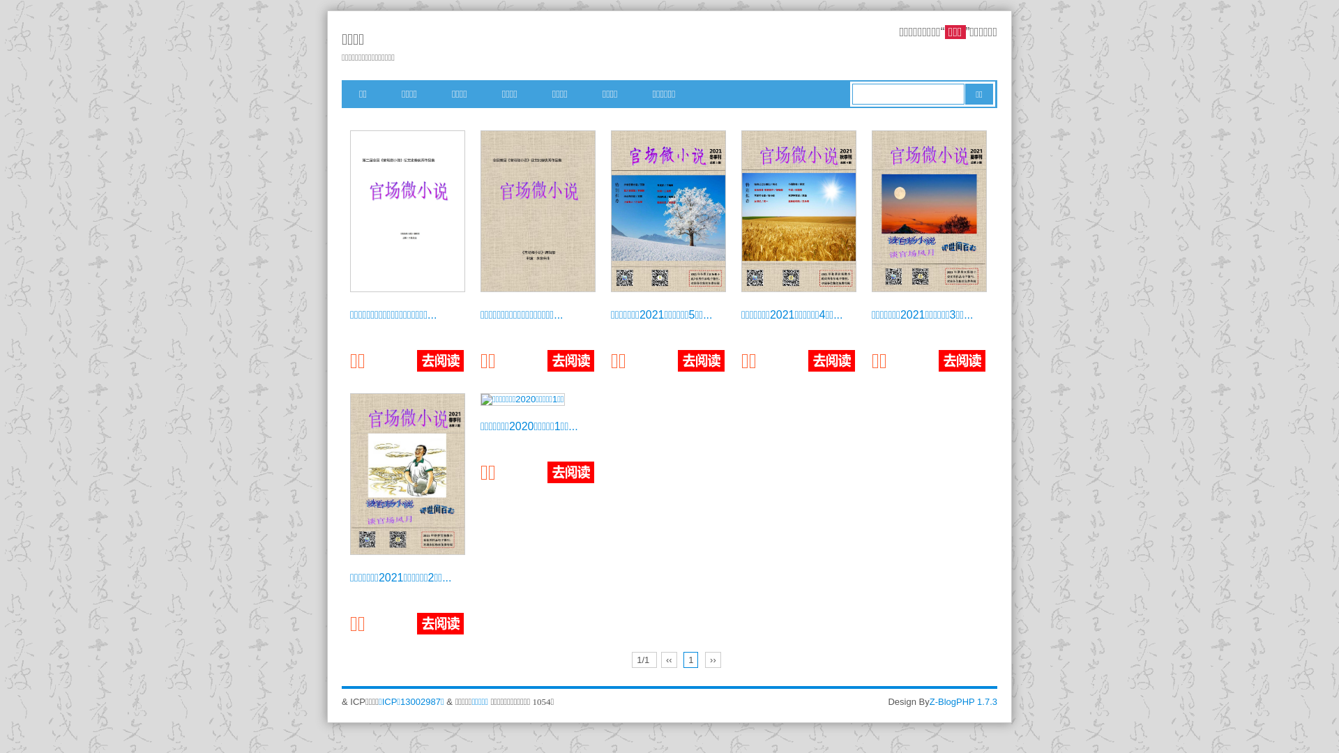 The image size is (1339, 753). What do you see at coordinates (962, 701) in the screenshot?
I see `'Z-BlogPHP 1.7.3'` at bounding box center [962, 701].